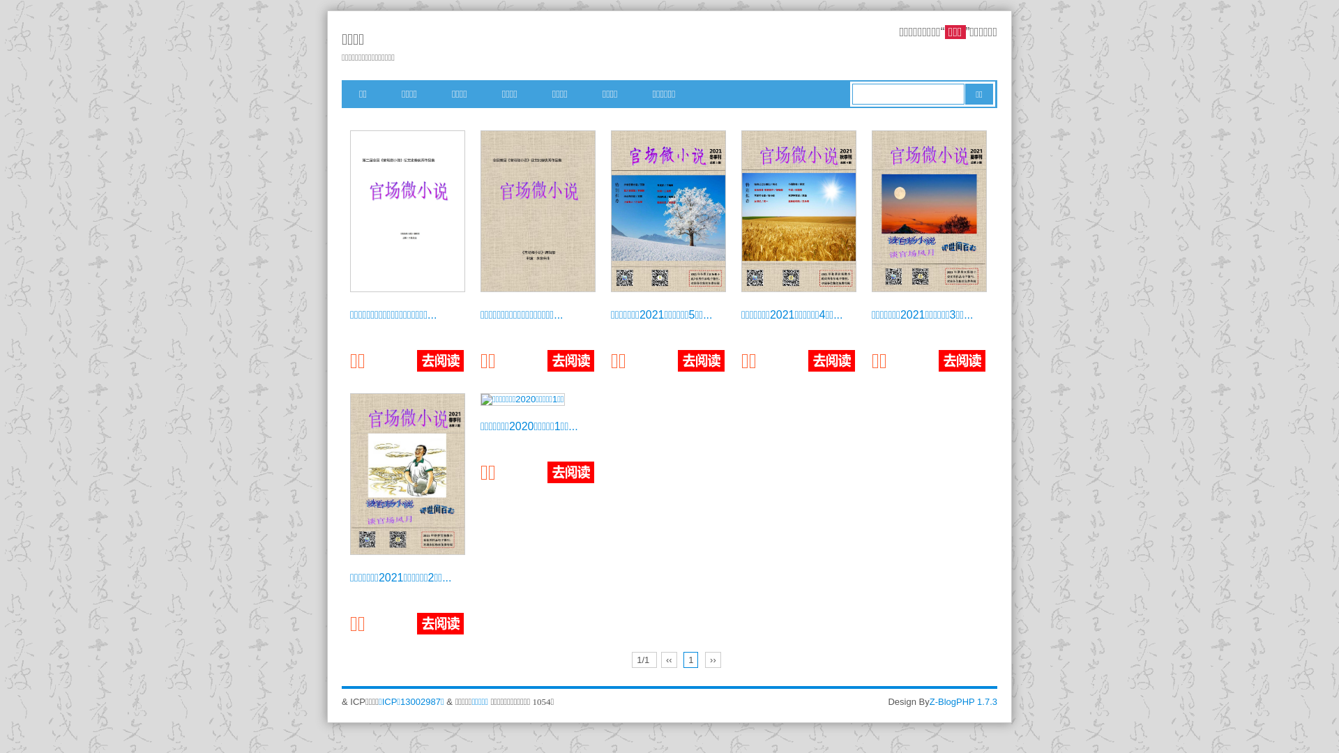 The image size is (1339, 753). What do you see at coordinates (962, 701) in the screenshot?
I see `'Z-BlogPHP 1.7.3'` at bounding box center [962, 701].